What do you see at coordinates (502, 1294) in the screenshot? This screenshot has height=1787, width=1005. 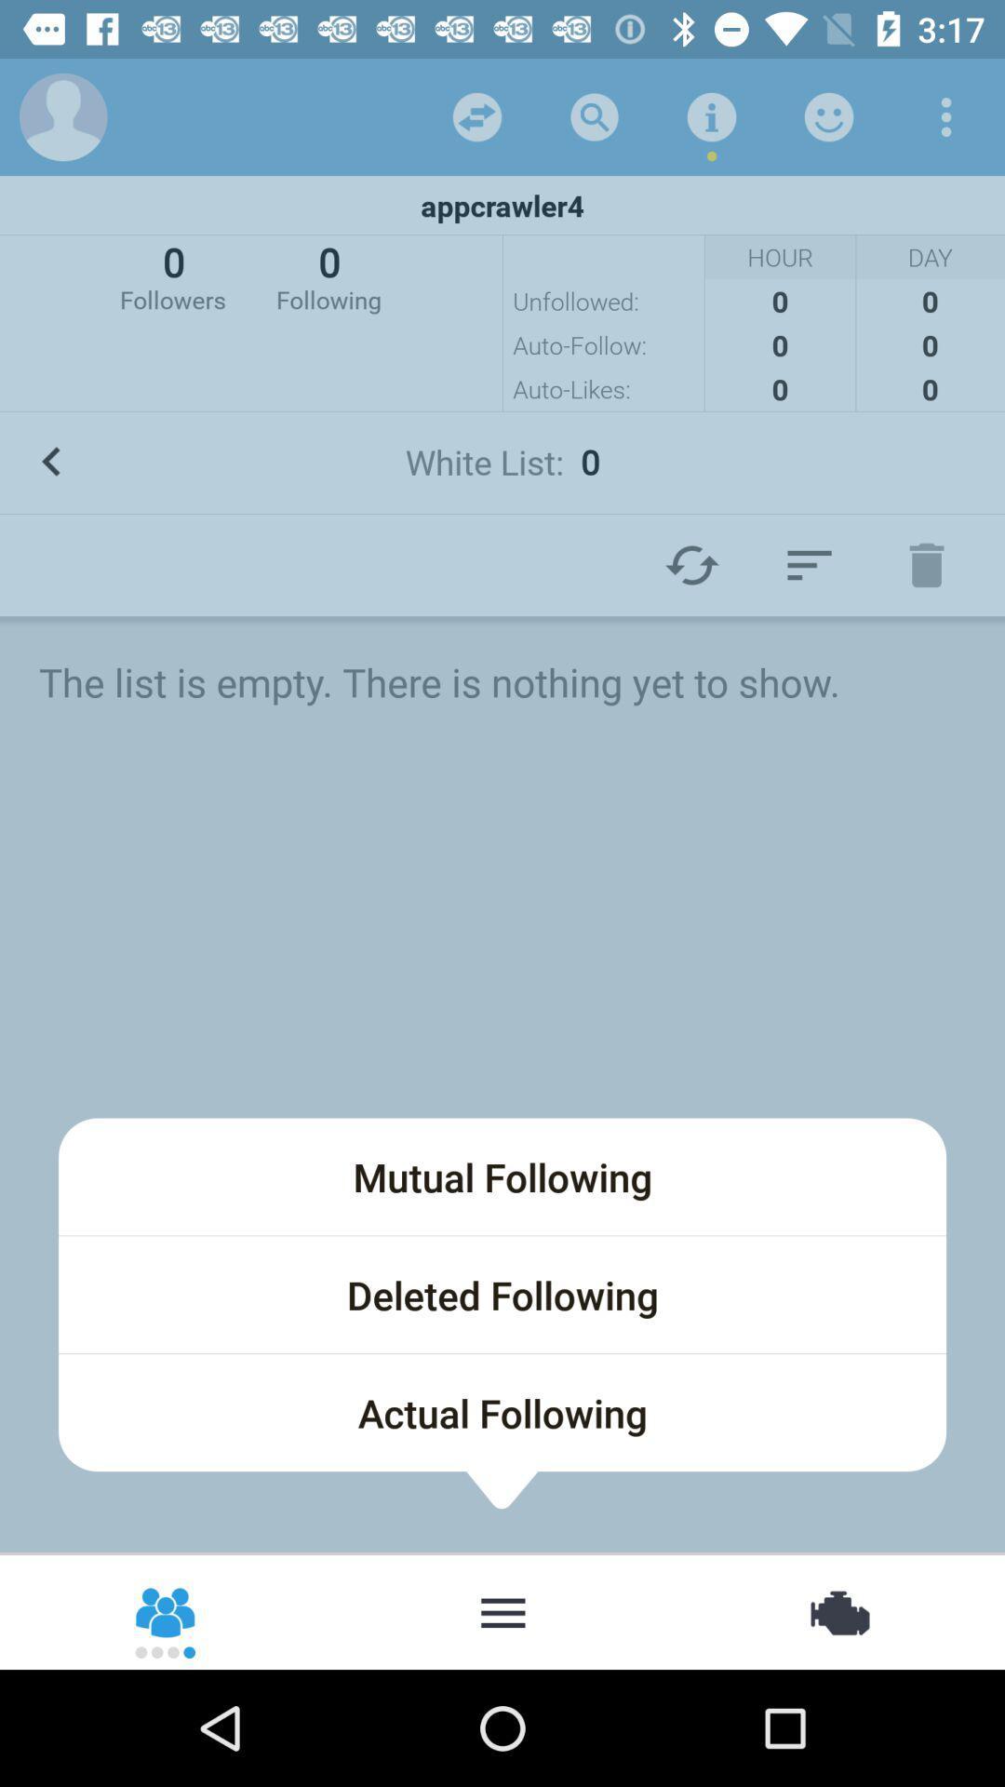 I see `the deleted following` at bounding box center [502, 1294].